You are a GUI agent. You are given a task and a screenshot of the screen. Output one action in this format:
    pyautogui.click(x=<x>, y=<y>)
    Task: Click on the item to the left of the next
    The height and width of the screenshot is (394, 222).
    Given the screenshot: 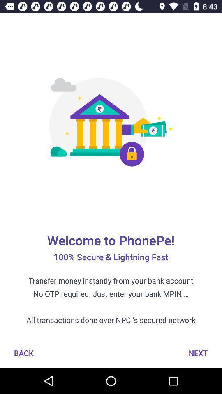 What is the action you would take?
    pyautogui.click(x=23, y=353)
    